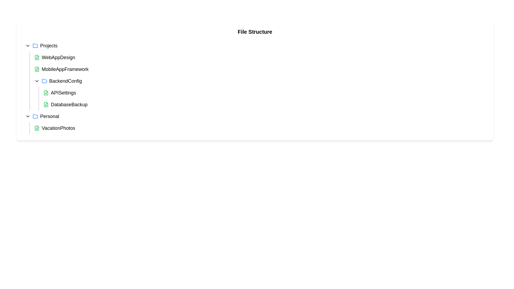  I want to click on the downward-facing chevron icon, so click(37, 81).